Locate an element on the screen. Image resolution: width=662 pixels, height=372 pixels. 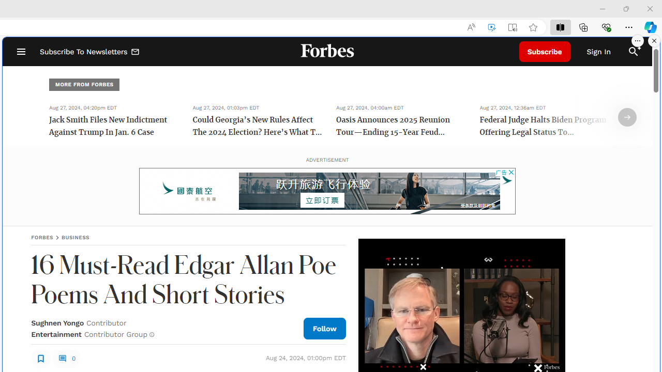
'Class: fs-icon fs-icon--arrow-right' is located at coordinates (626, 117).